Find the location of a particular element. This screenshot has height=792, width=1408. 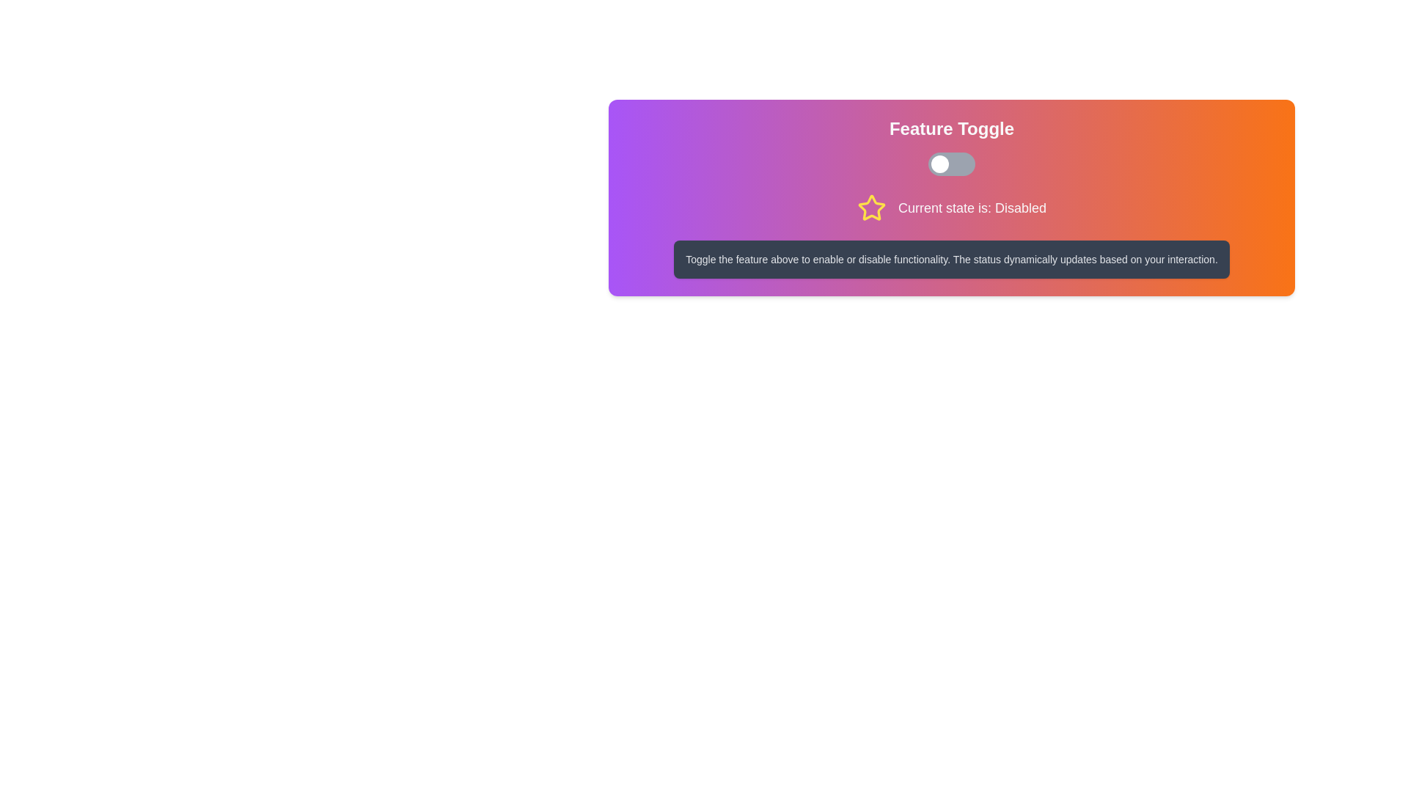

the text label that indicates the current state of the toggle switch labeled 'Feature Toggle', which is located beneath the switch and to the right of a star-shaped icon is located at coordinates (972, 208).